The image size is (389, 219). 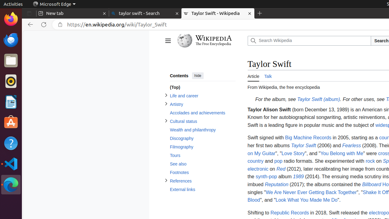 What do you see at coordinates (281, 169) in the screenshot?
I see `'Red'` at bounding box center [281, 169].